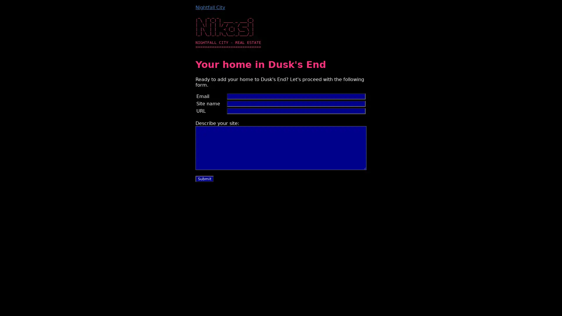  I want to click on Submit, so click(205, 178).